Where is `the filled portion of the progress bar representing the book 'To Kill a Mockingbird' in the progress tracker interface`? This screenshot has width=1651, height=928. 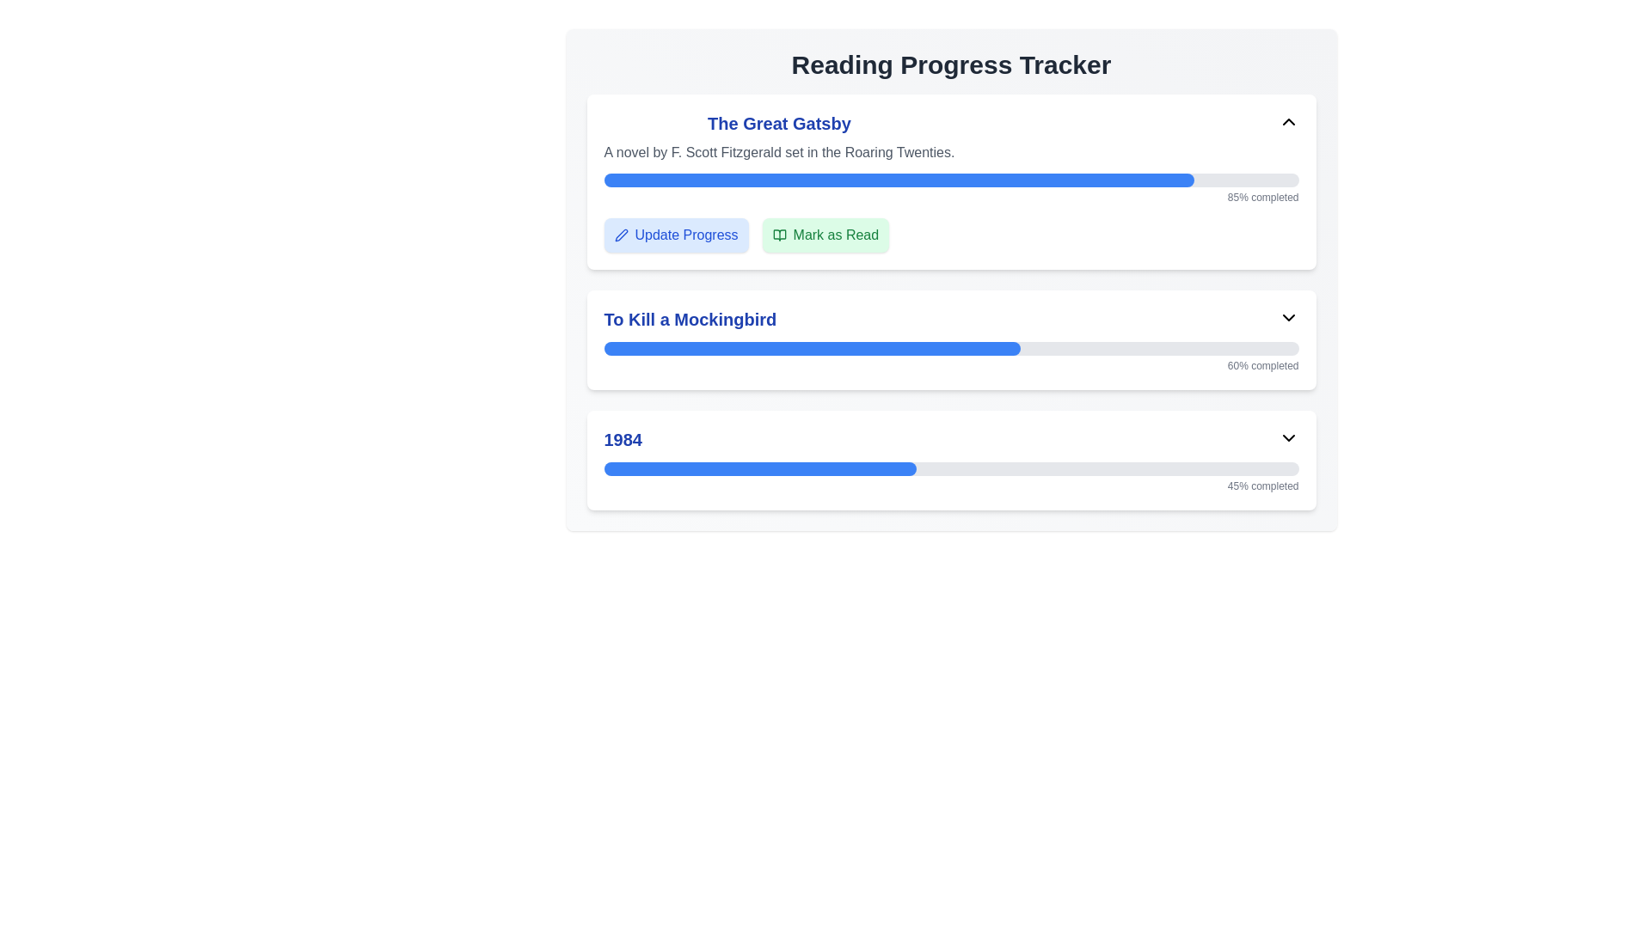 the filled portion of the progress bar representing the book 'To Kill a Mockingbird' in the progress tracker interface is located at coordinates (811, 348).